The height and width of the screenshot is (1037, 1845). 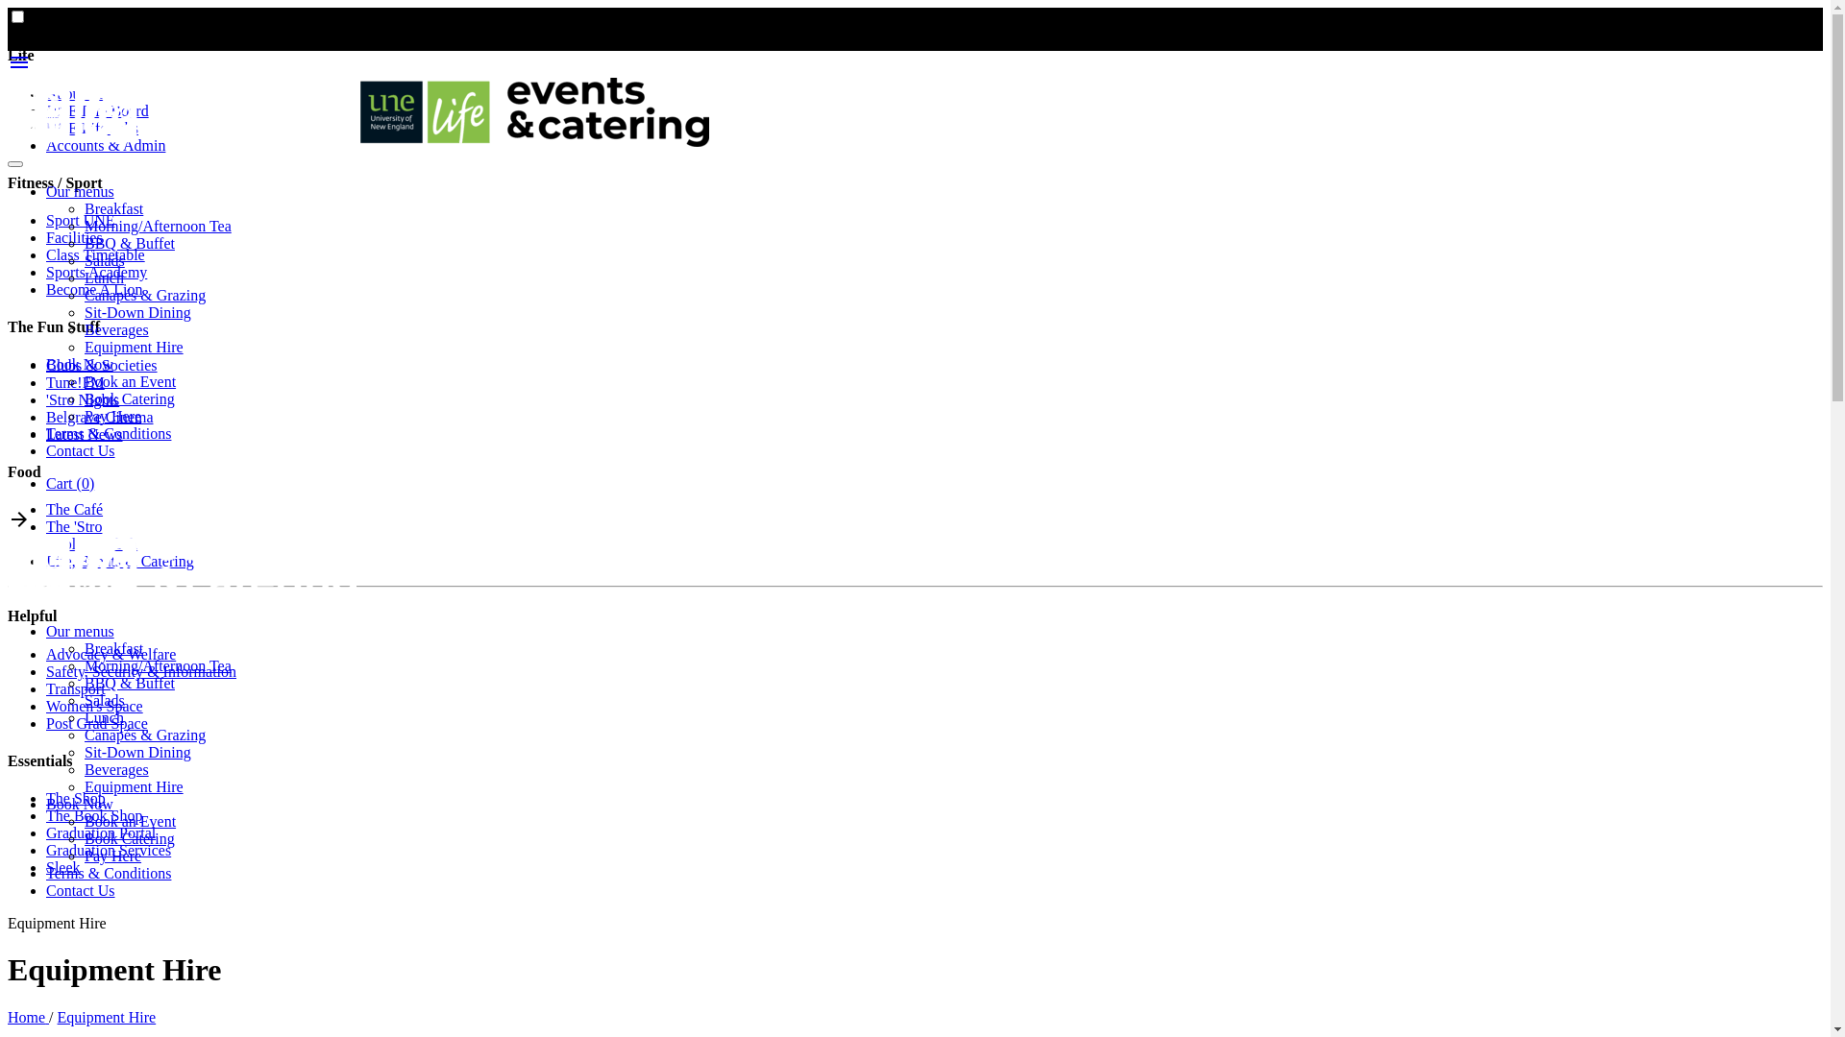 What do you see at coordinates (129, 821) in the screenshot?
I see `'Book an Event'` at bounding box center [129, 821].